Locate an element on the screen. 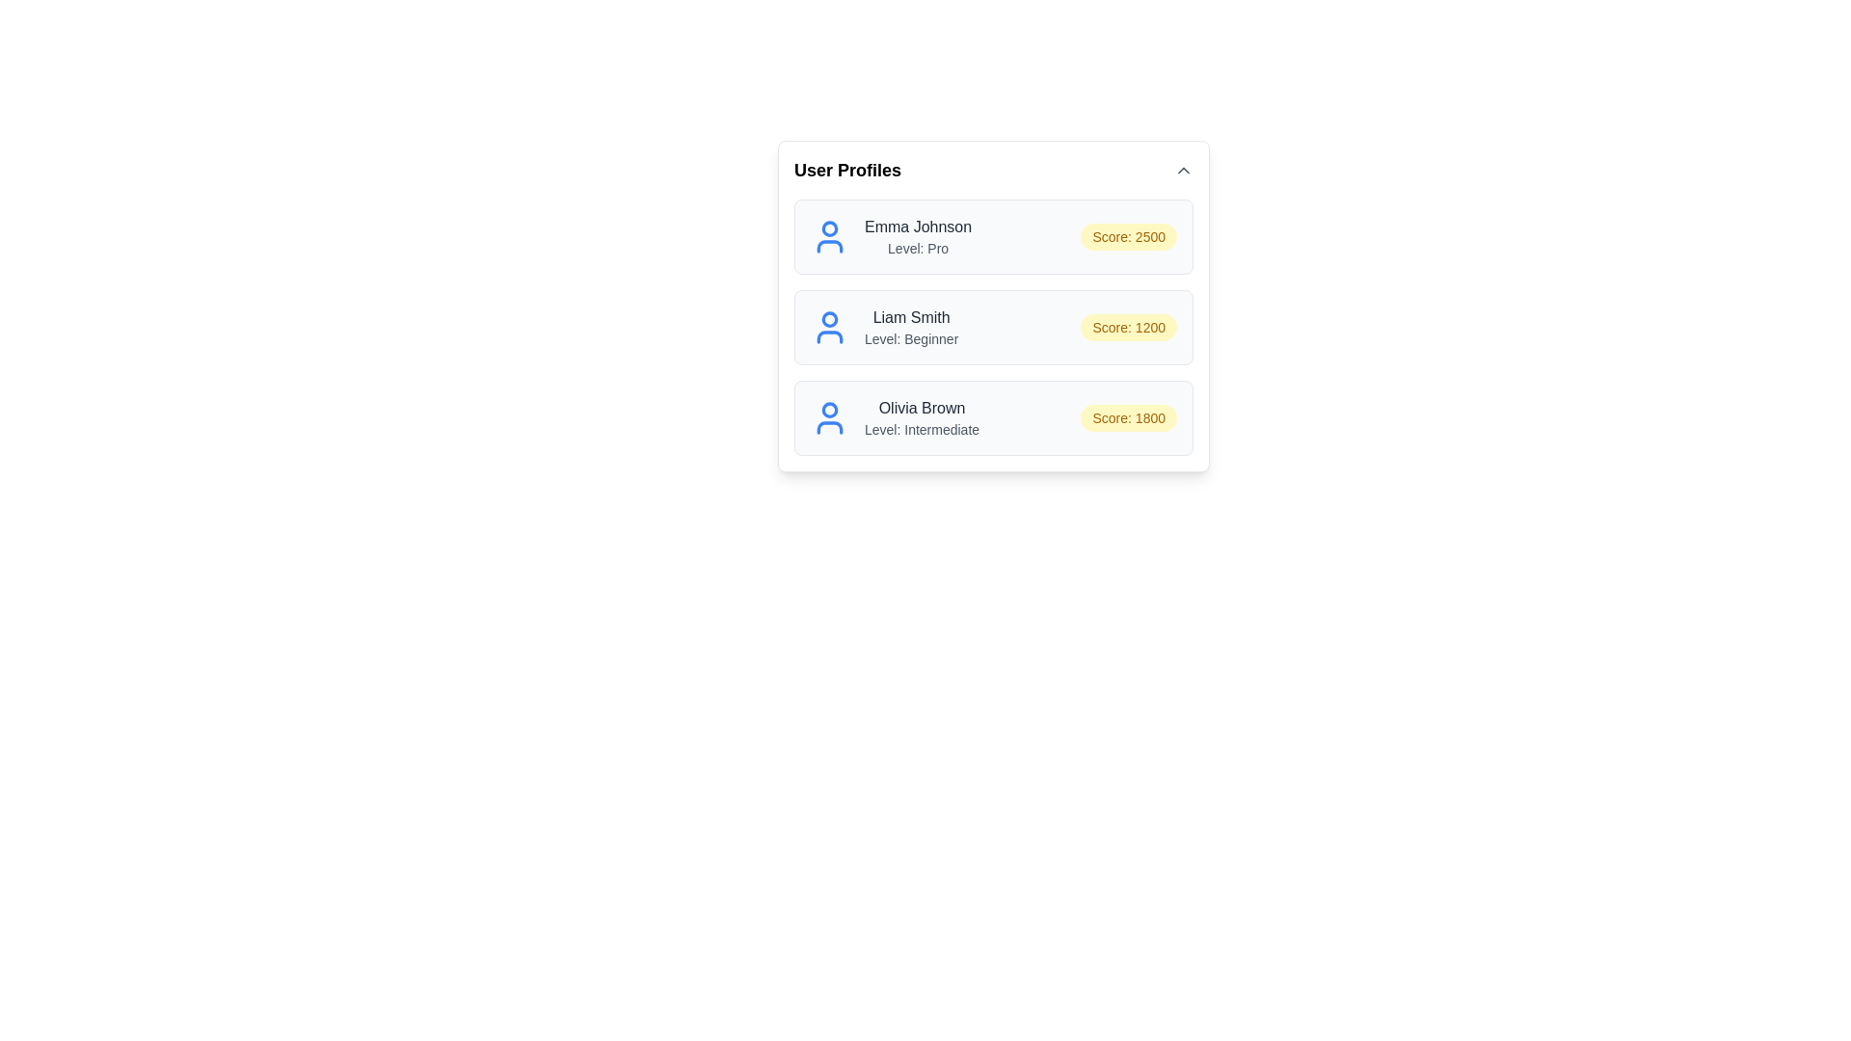 Image resolution: width=1851 pixels, height=1041 pixels. user details displayed in the Text Label Group showing 'Liam Smith' and 'Beginner', located in the second card under 'User Profiles' is located at coordinates (883, 326).